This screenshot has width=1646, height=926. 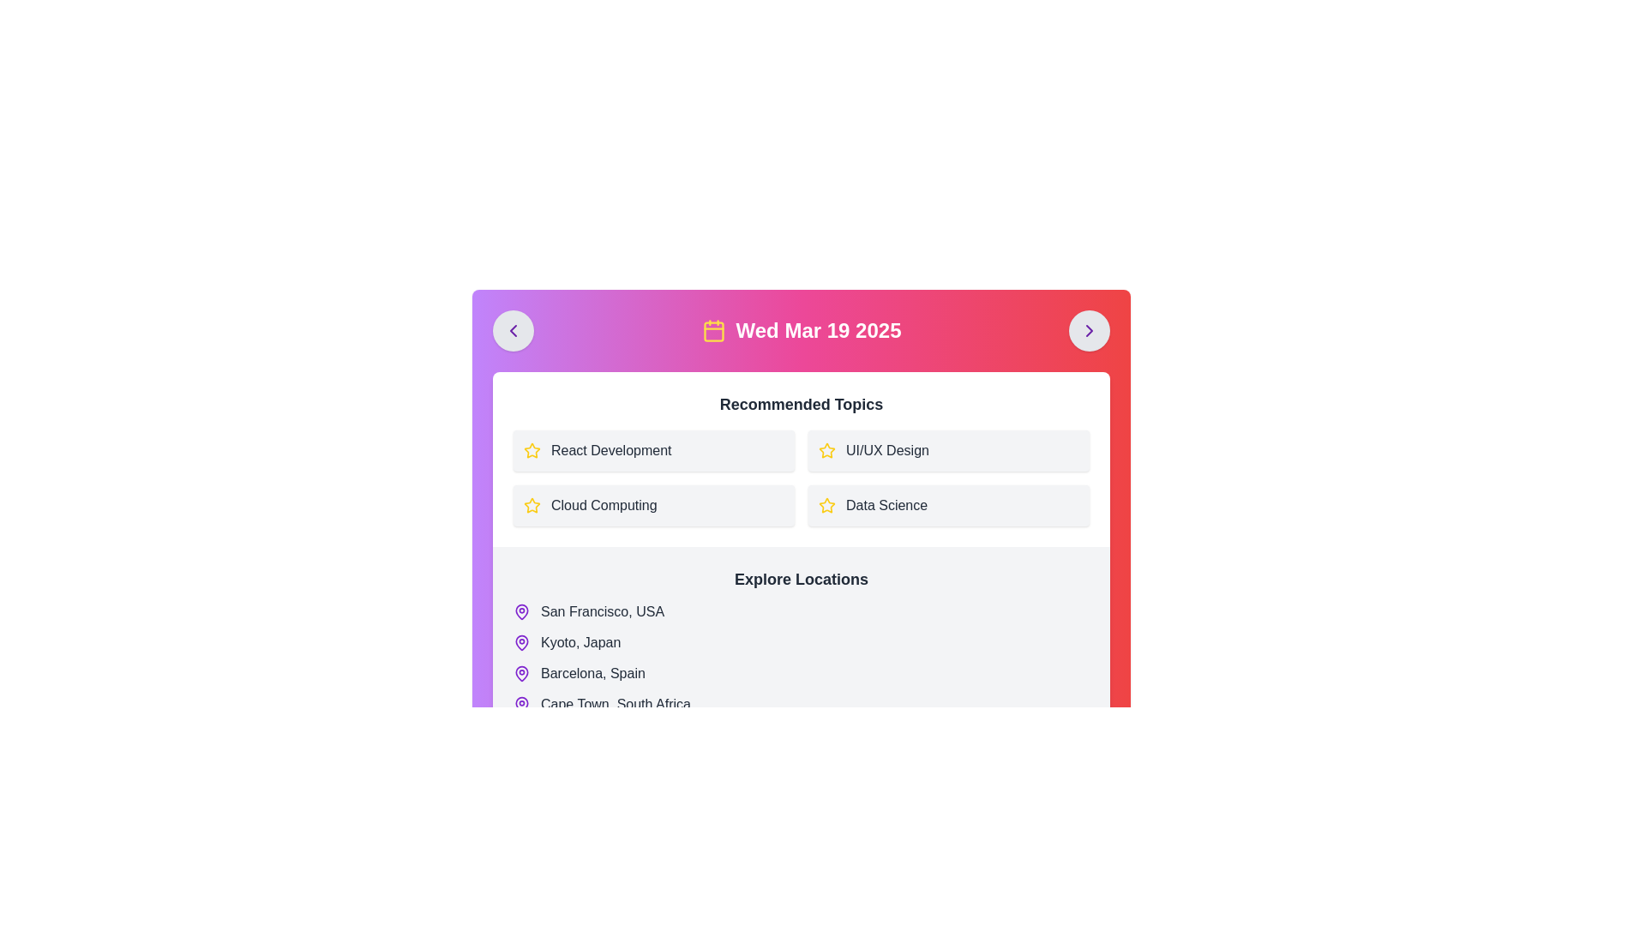 I want to click on the text label displaying 'Data Science', so click(x=886, y=505).